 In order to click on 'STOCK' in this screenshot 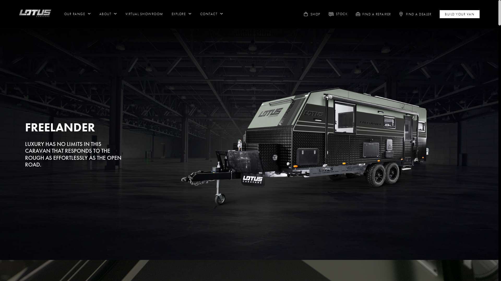, I will do `click(342, 14)`.